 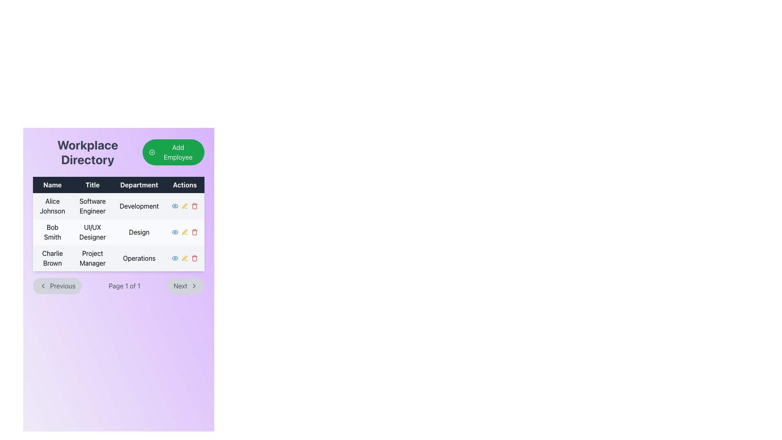 What do you see at coordinates (194, 232) in the screenshot?
I see `the red trash icon located` at bounding box center [194, 232].